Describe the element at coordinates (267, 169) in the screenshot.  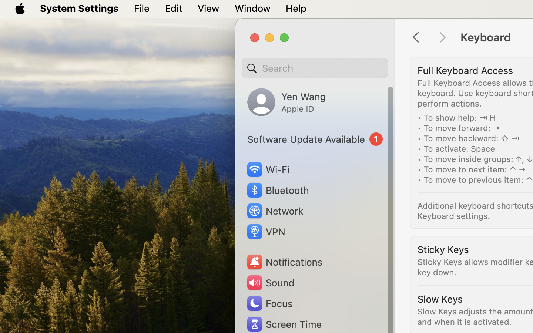
I see `'Wi‑Fi'` at that location.